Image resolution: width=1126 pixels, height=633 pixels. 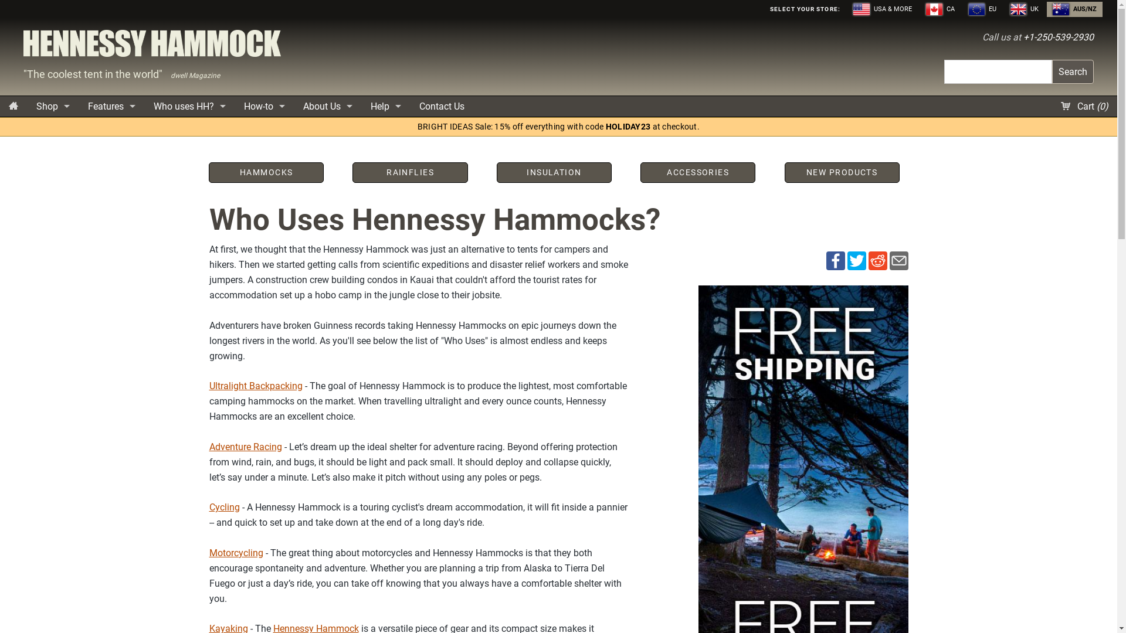 What do you see at coordinates (1052, 106) in the screenshot?
I see `'Cart (0)'` at bounding box center [1052, 106].